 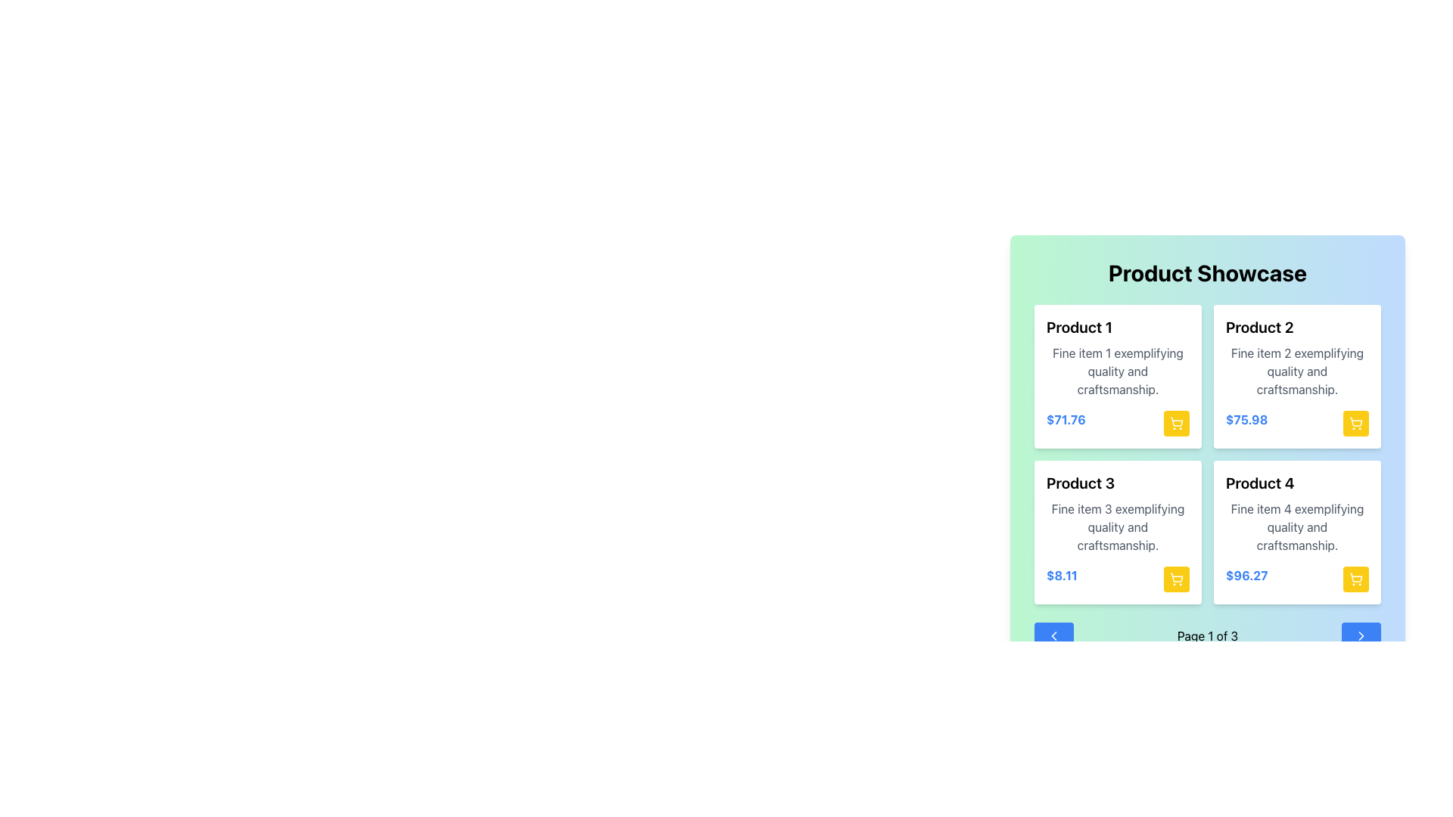 What do you see at coordinates (1260, 483) in the screenshot?
I see `the static text label displaying 'Product 4' located at the top of the card in the bottom-right corner of the product showcase grid` at bounding box center [1260, 483].